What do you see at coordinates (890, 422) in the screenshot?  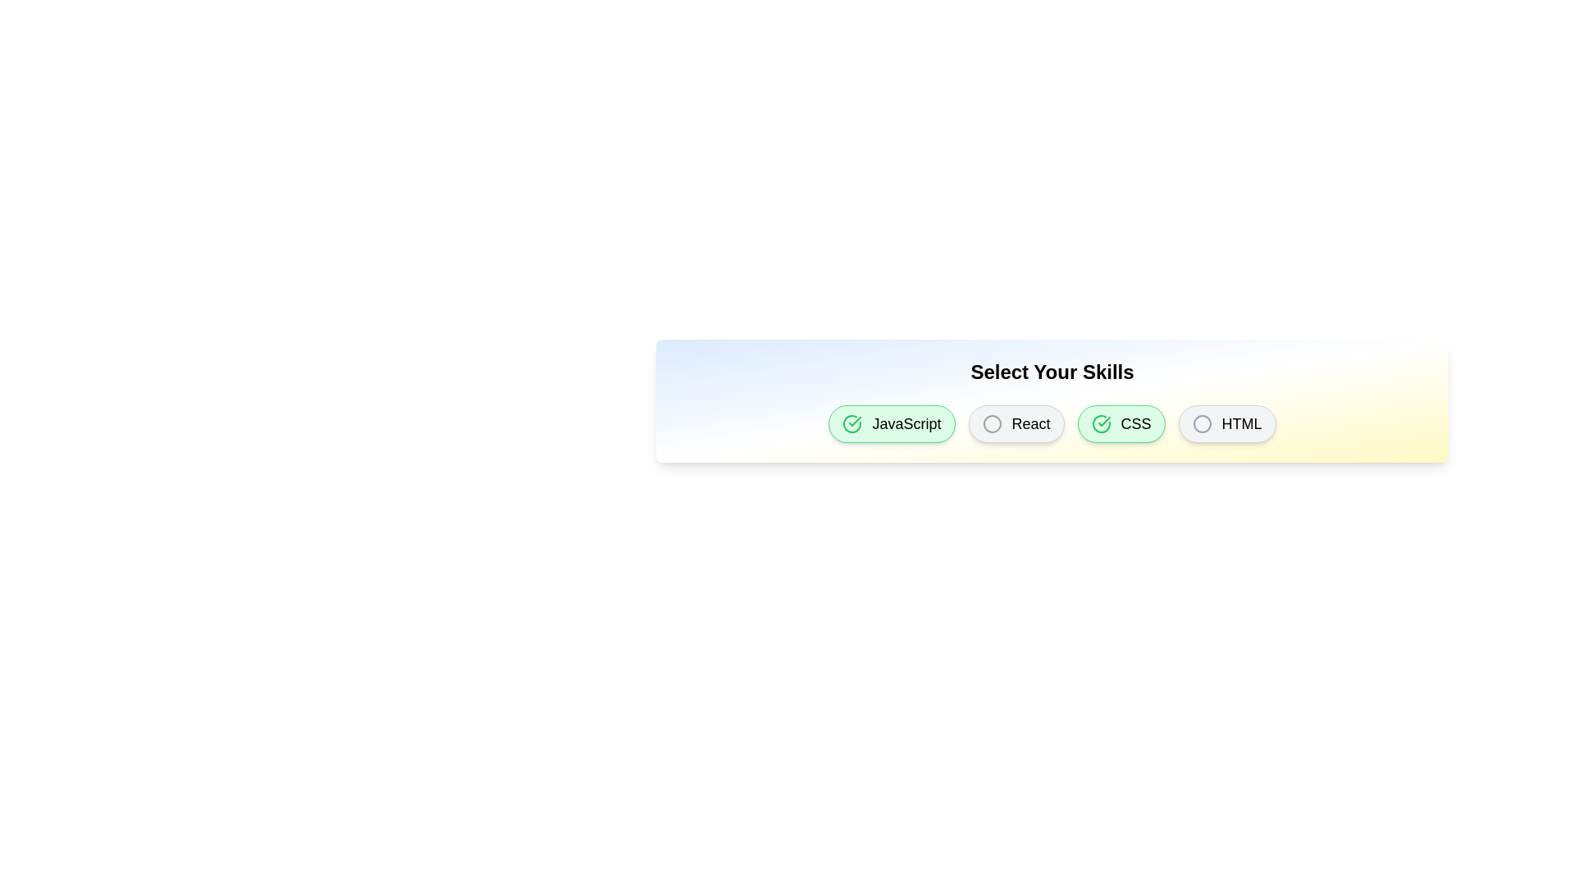 I see `the skill JavaScript` at bounding box center [890, 422].